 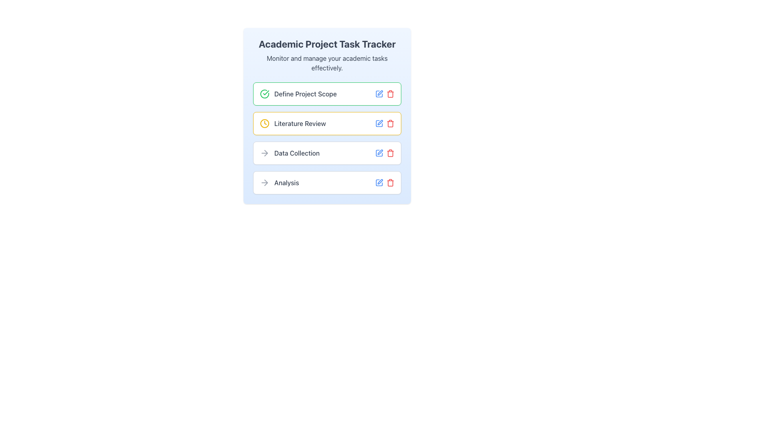 I want to click on the Text Label displaying 'Academic Project Task Tracker', which is a prominent bold heading at the top of the task-related information panel, so click(x=327, y=44).